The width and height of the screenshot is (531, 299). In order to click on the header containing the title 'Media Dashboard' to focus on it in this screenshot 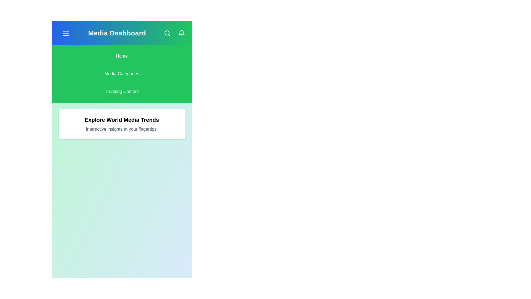, I will do `click(116, 33)`.